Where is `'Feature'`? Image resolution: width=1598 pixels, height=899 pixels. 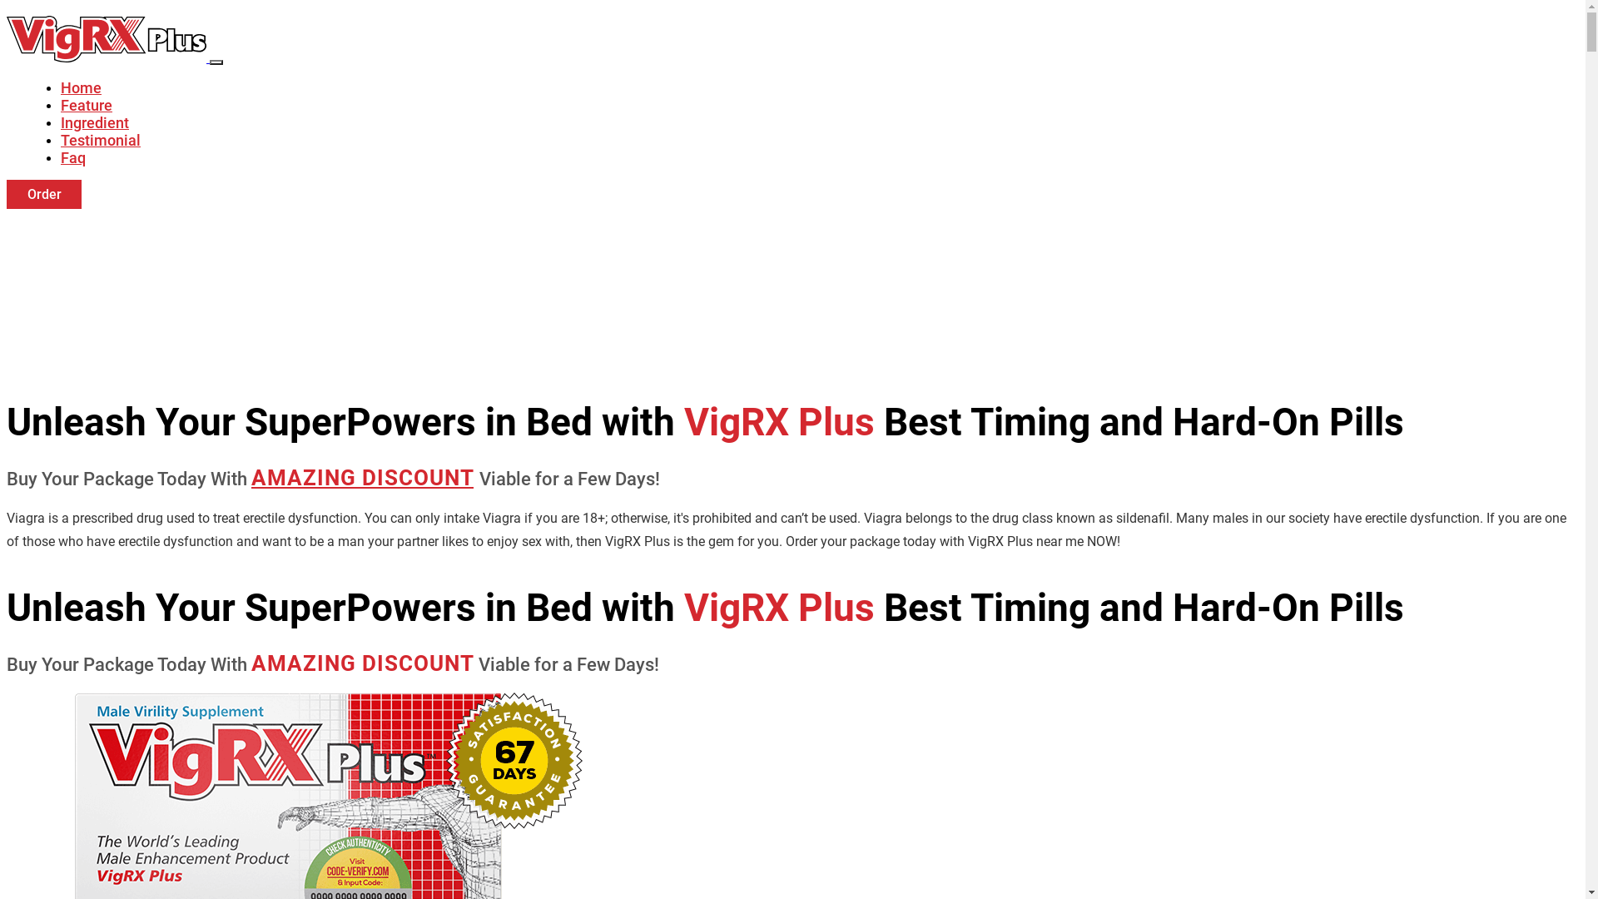 'Feature' is located at coordinates (60, 105).